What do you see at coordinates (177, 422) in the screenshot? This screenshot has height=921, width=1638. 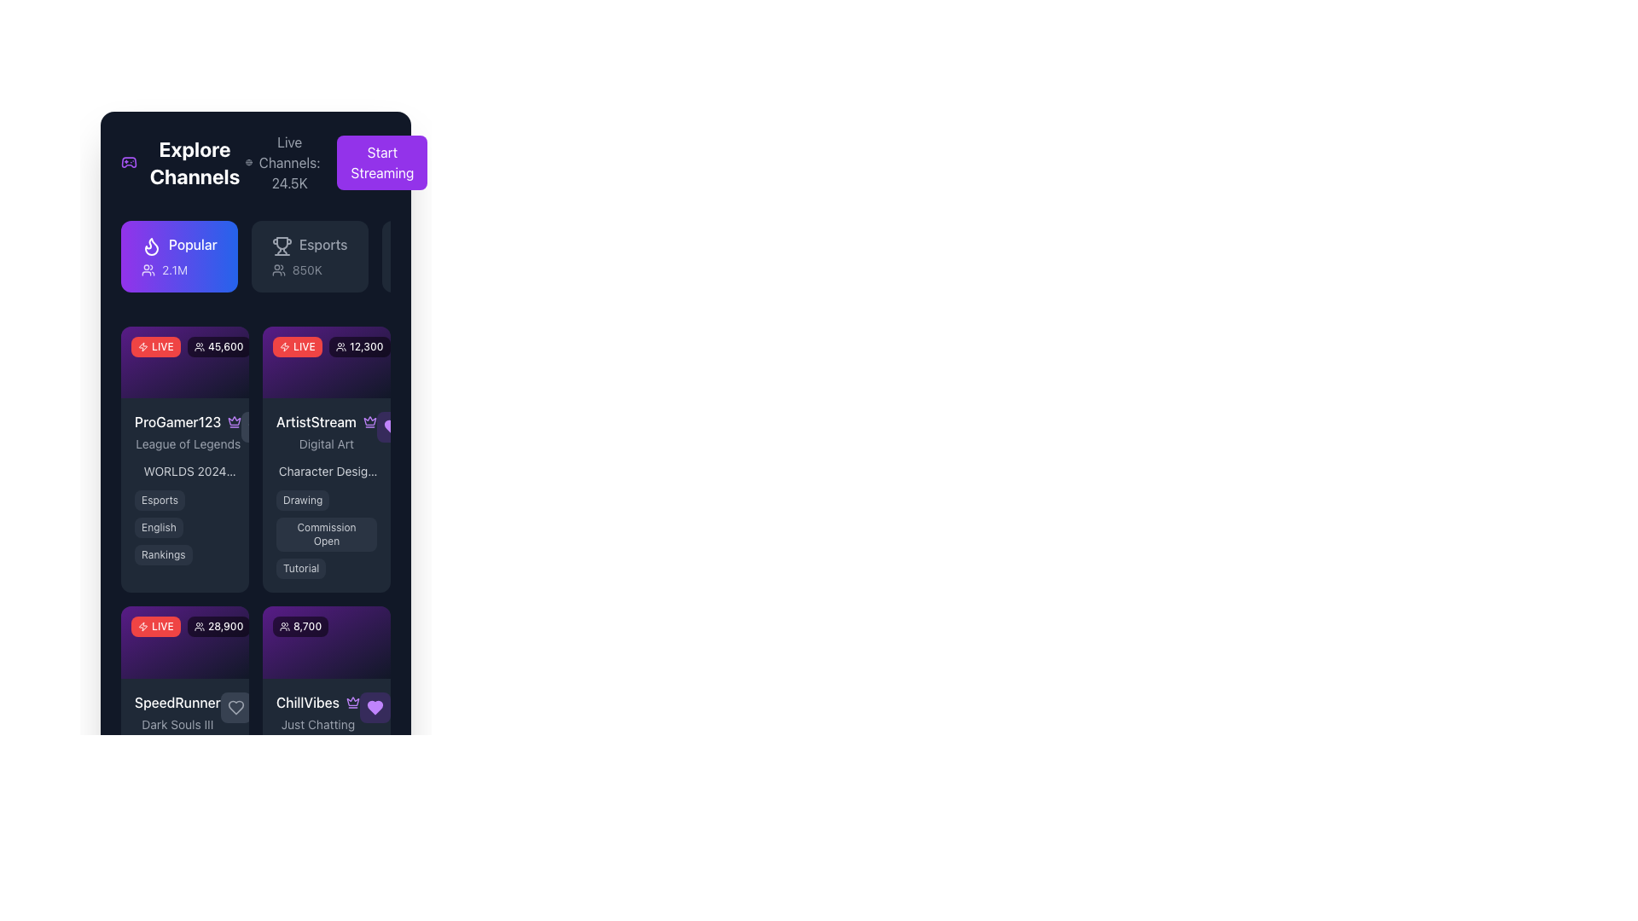 I see `username displayed in the Text Label located within the channel preview card, positioned to the left of the crowned badge icon and above the descriptive text` at bounding box center [177, 422].